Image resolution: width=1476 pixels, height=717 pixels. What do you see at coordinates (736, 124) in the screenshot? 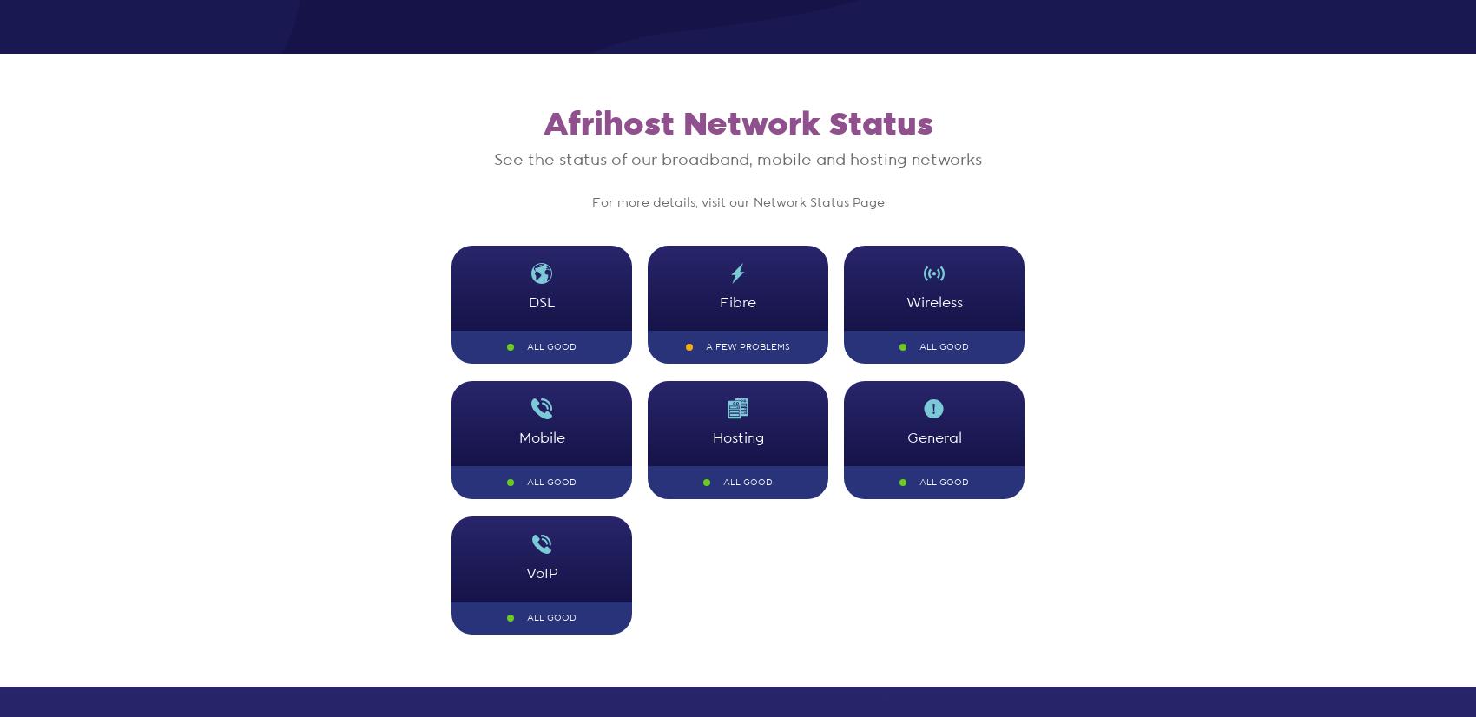
I see `'Afrihost Network Status'` at bounding box center [736, 124].